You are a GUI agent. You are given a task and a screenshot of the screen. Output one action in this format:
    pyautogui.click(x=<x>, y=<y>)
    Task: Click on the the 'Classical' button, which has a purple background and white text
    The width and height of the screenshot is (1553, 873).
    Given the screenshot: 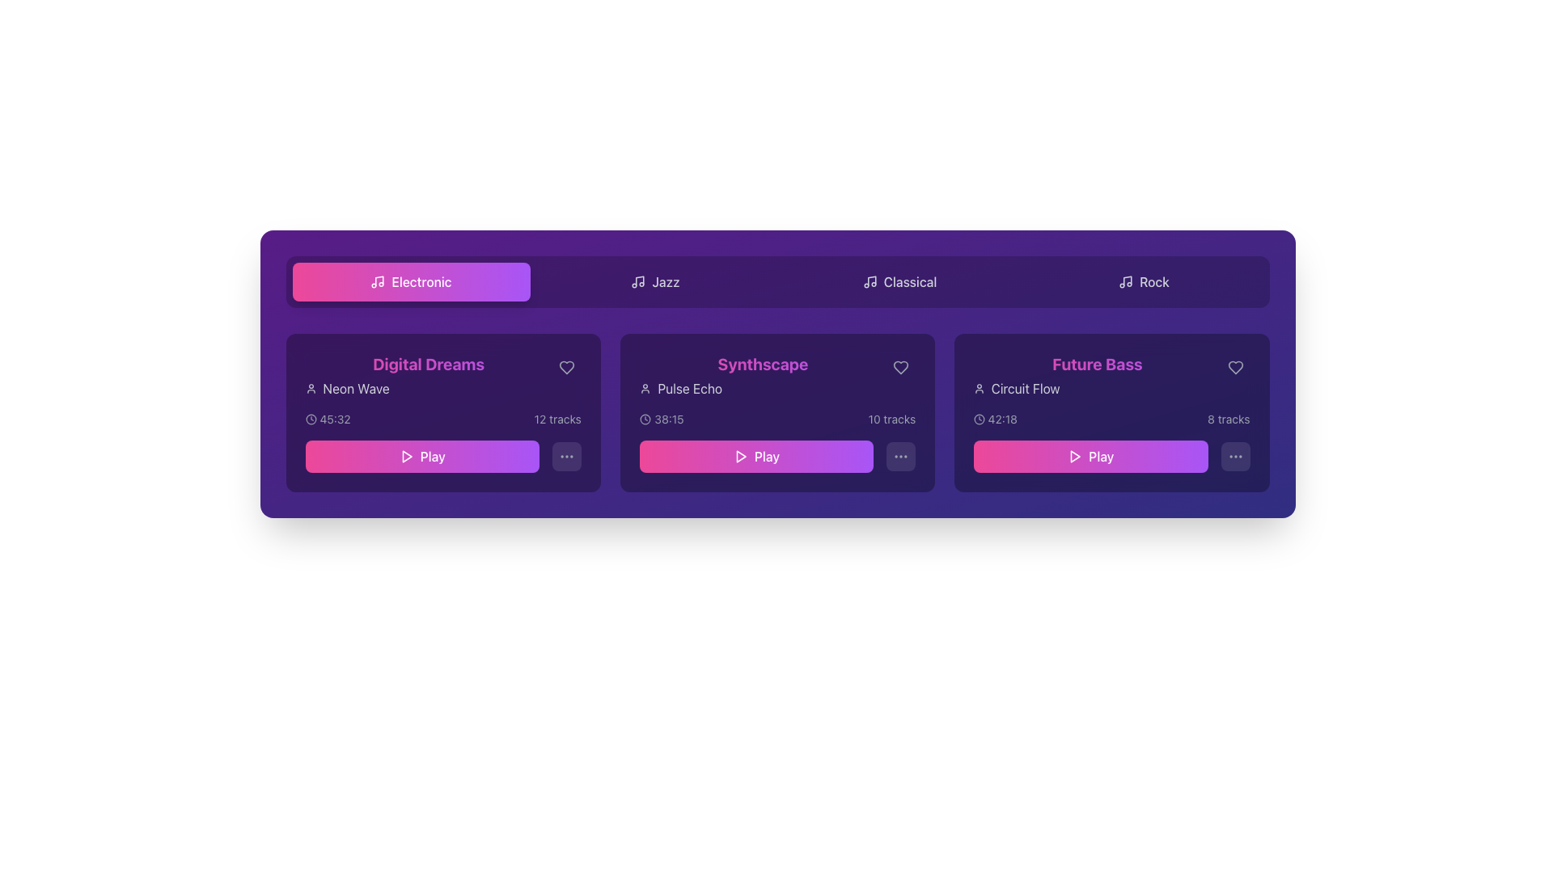 What is the action you would take?
    pyautogui.click(x=899, y=280)
    